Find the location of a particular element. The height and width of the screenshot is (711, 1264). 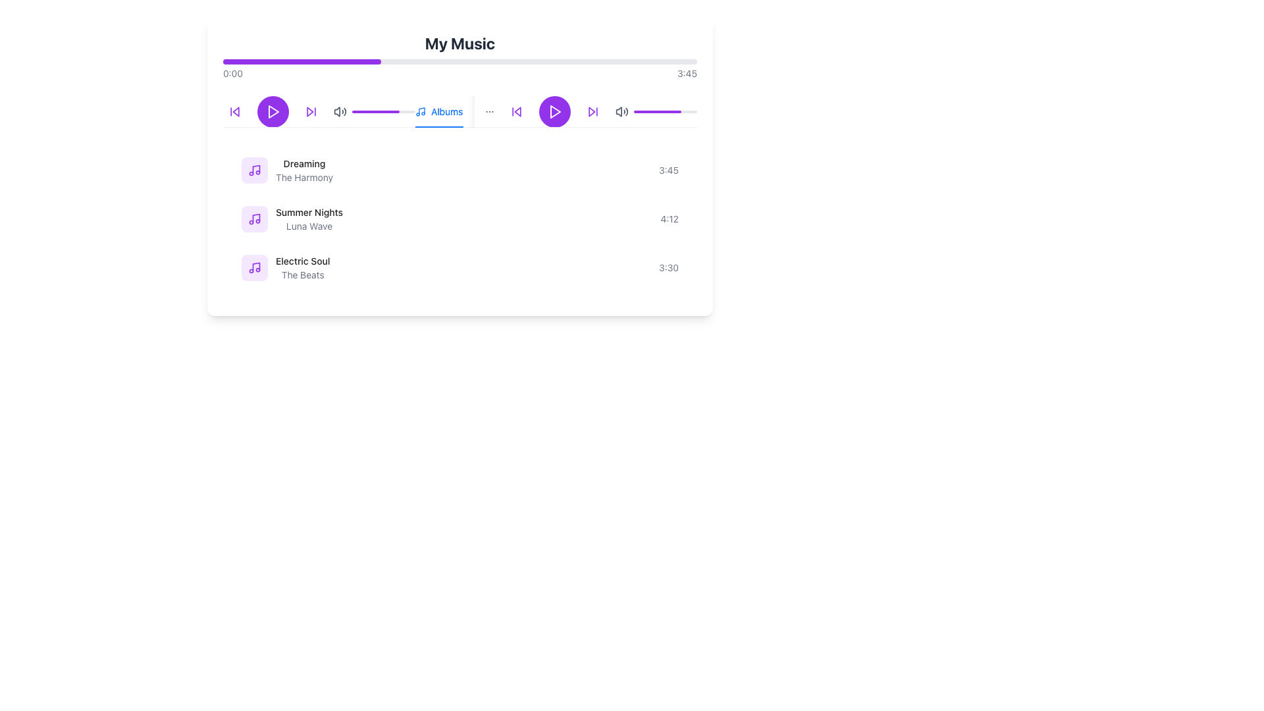

the triangular play icon within the rounded square button that is centrally located in the top of the interface is located at coordinates (556, 111).